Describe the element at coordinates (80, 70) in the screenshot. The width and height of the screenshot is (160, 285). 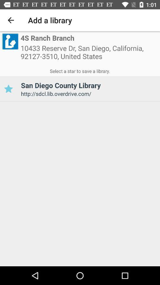
I see `item below 10433 reserve dr` at that location.